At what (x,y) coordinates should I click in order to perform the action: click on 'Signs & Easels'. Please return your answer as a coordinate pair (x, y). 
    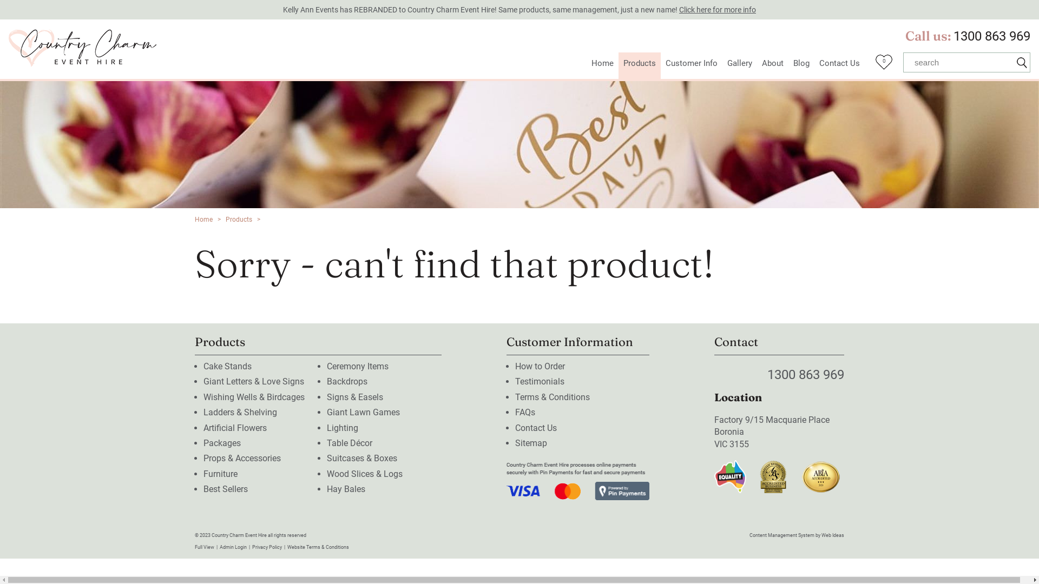
    Looking at the image, I should click on (355, 397).